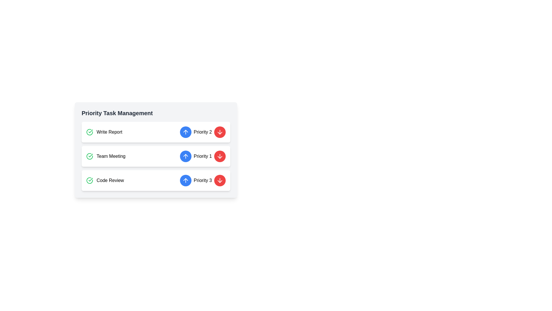 Image resolution: width=552 pixels, height=311 pixels. What do you see at coordinates (156, 152) in the screenshot?
I see `the 'Team Meeting' task within the 'Priority Task Management' card to focus on it` at bounding box center [156, 152].